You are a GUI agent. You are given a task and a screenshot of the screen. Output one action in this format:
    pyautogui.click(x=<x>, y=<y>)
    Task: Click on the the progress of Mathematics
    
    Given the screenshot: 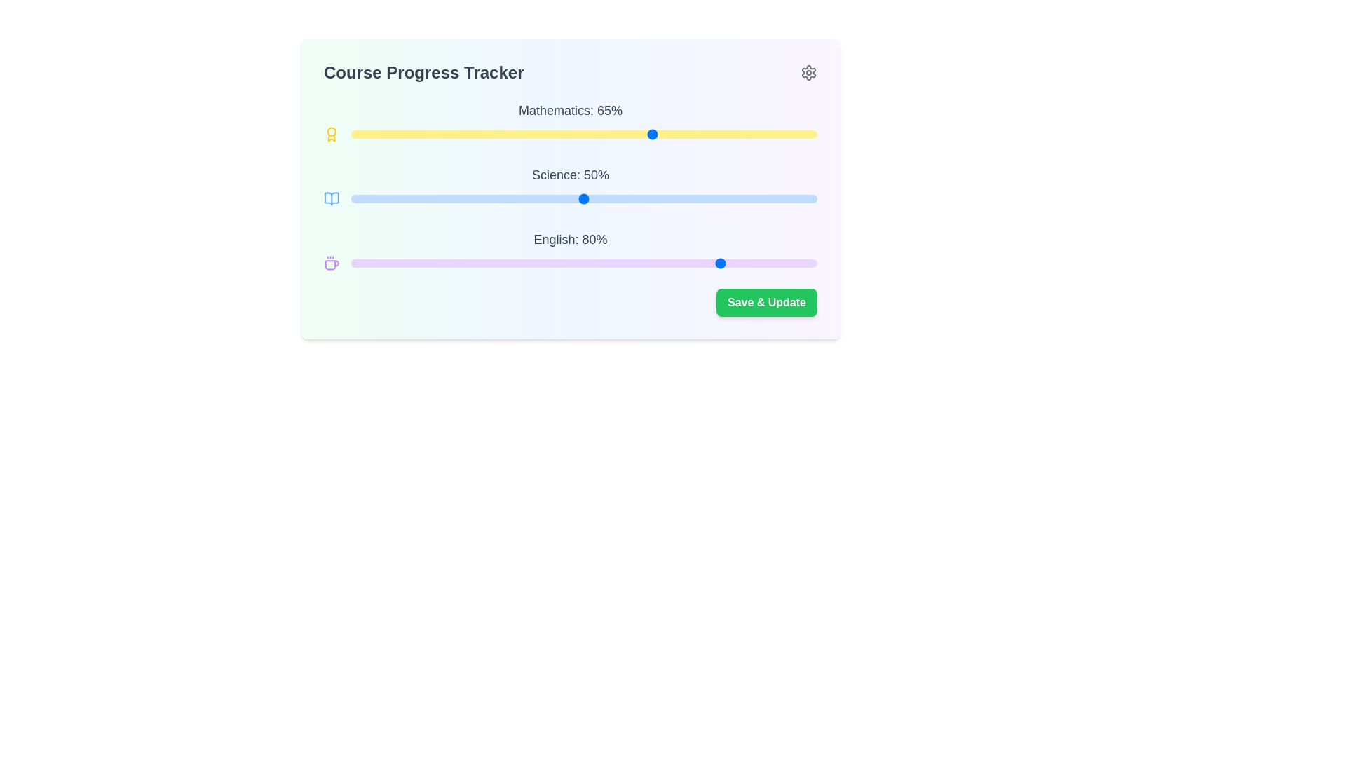 What is the action you would take?
    pyautogui.click(x=369, y=135)
    